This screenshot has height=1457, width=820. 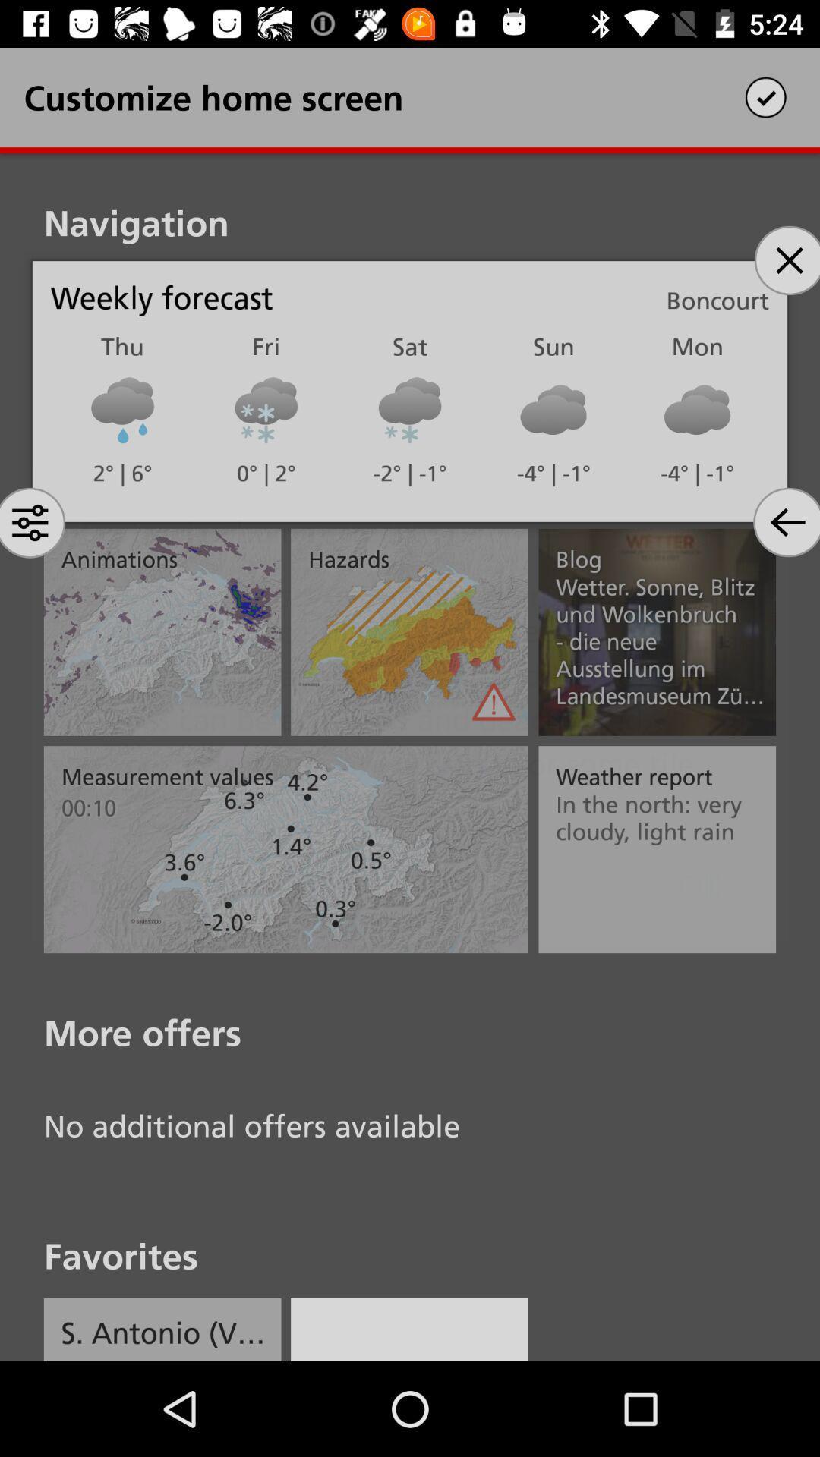 I want to click on the sliders icon, so click(x=33, y=522).